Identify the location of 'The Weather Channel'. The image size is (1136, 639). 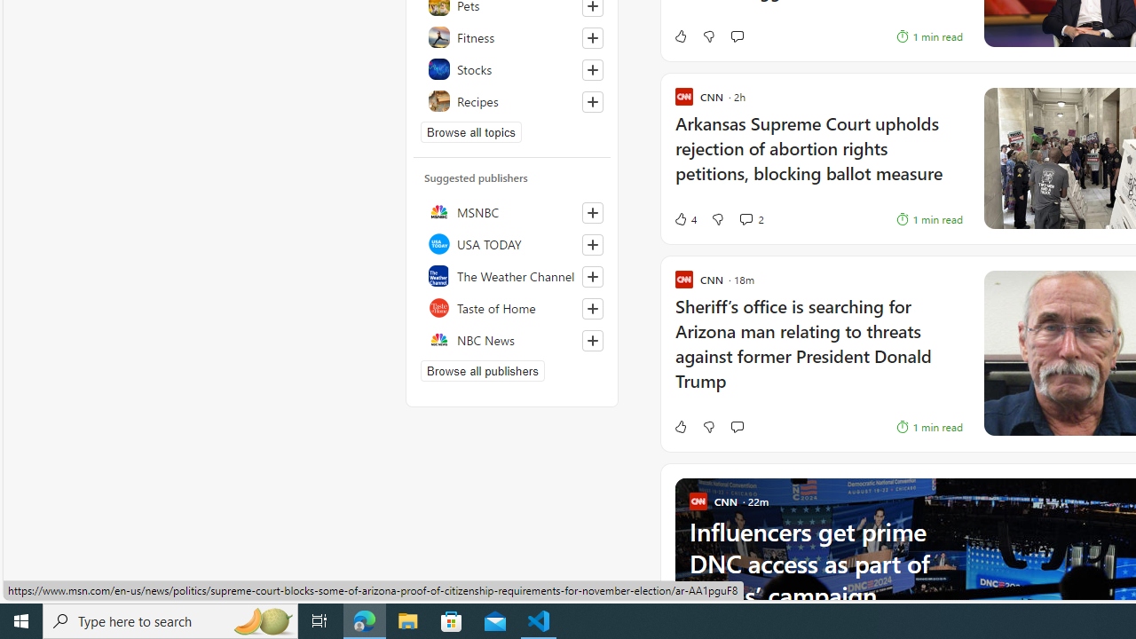
(511, 276).